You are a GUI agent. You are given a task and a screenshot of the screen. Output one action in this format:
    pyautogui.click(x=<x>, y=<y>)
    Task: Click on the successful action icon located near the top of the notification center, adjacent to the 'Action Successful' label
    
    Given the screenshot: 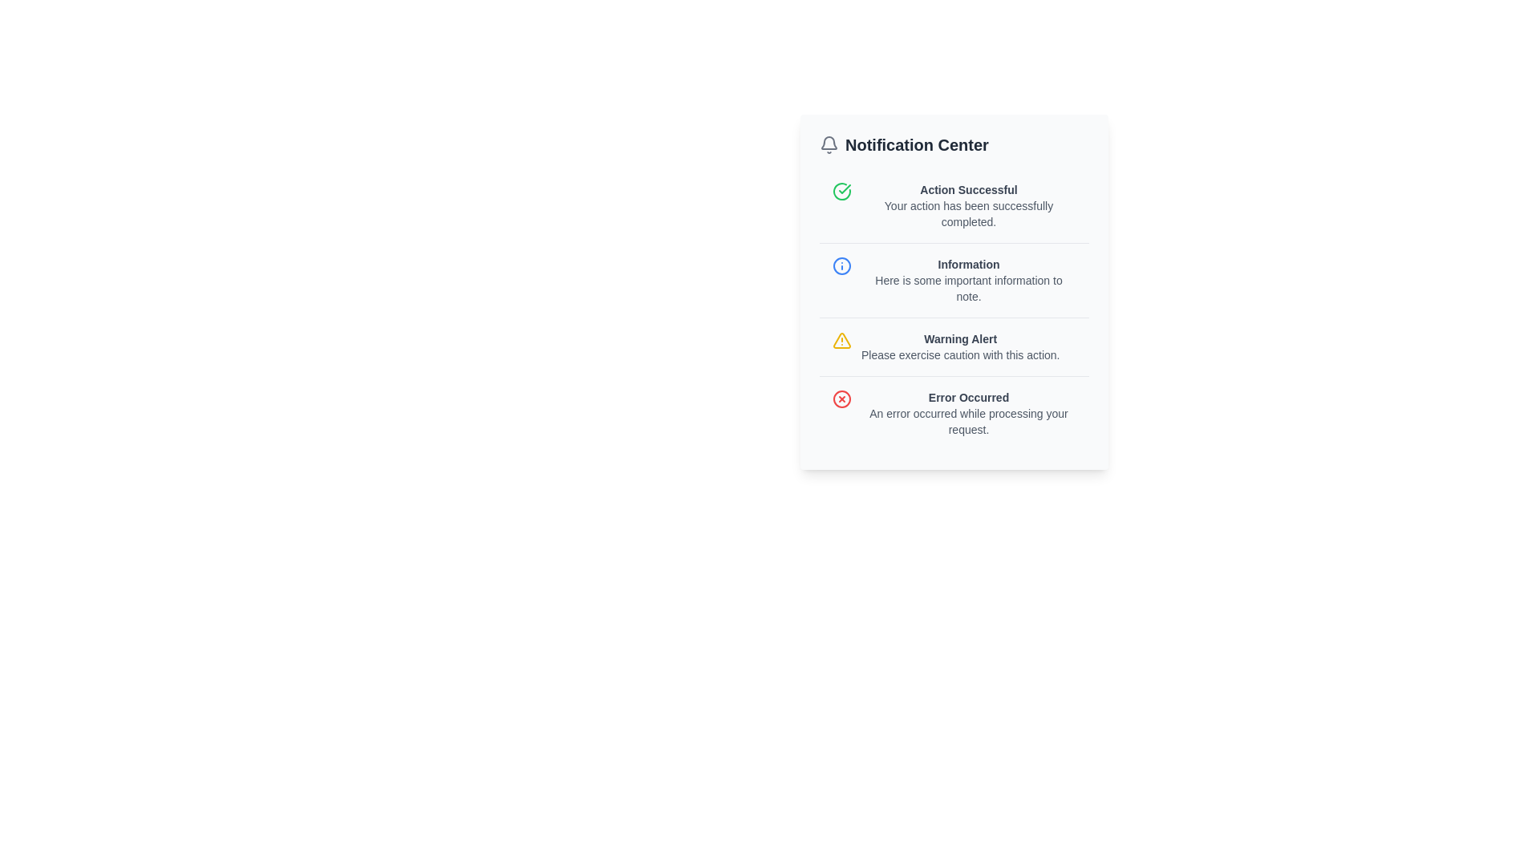 What is the action you would take?
    pyautogui.click(x=841, y=191)
    